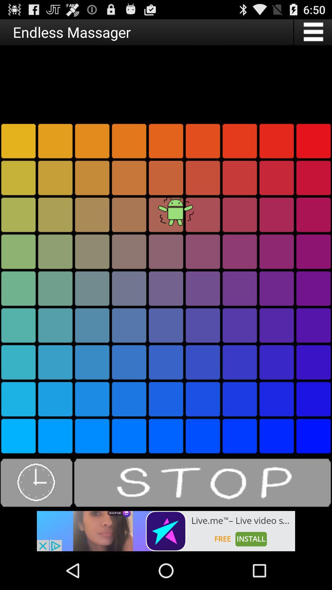  Describe the element at coordinates (313, 34) in the screenshot. I see `the menu icon` at that location.